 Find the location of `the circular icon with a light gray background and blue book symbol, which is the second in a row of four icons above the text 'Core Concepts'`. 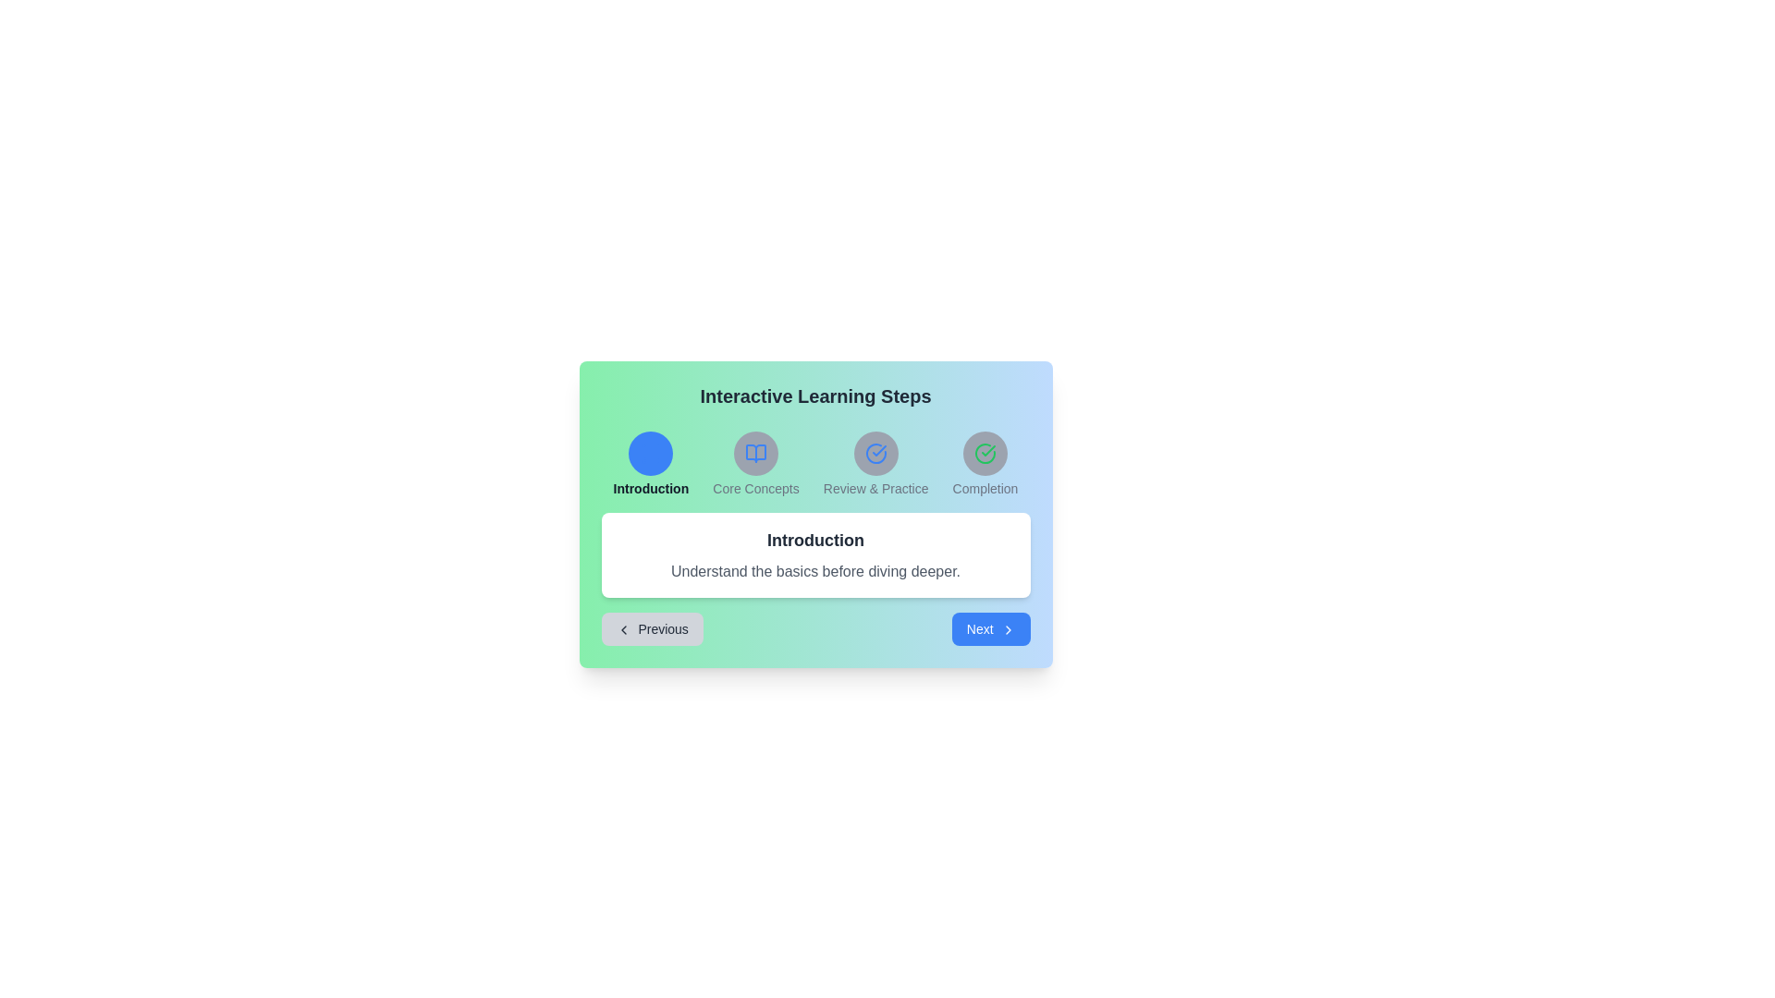

the circular icon with a light gray background and blue book symbol, which is the second in a row of four icons above the text 'Core Concepts' is located at coordinates (756, 453).